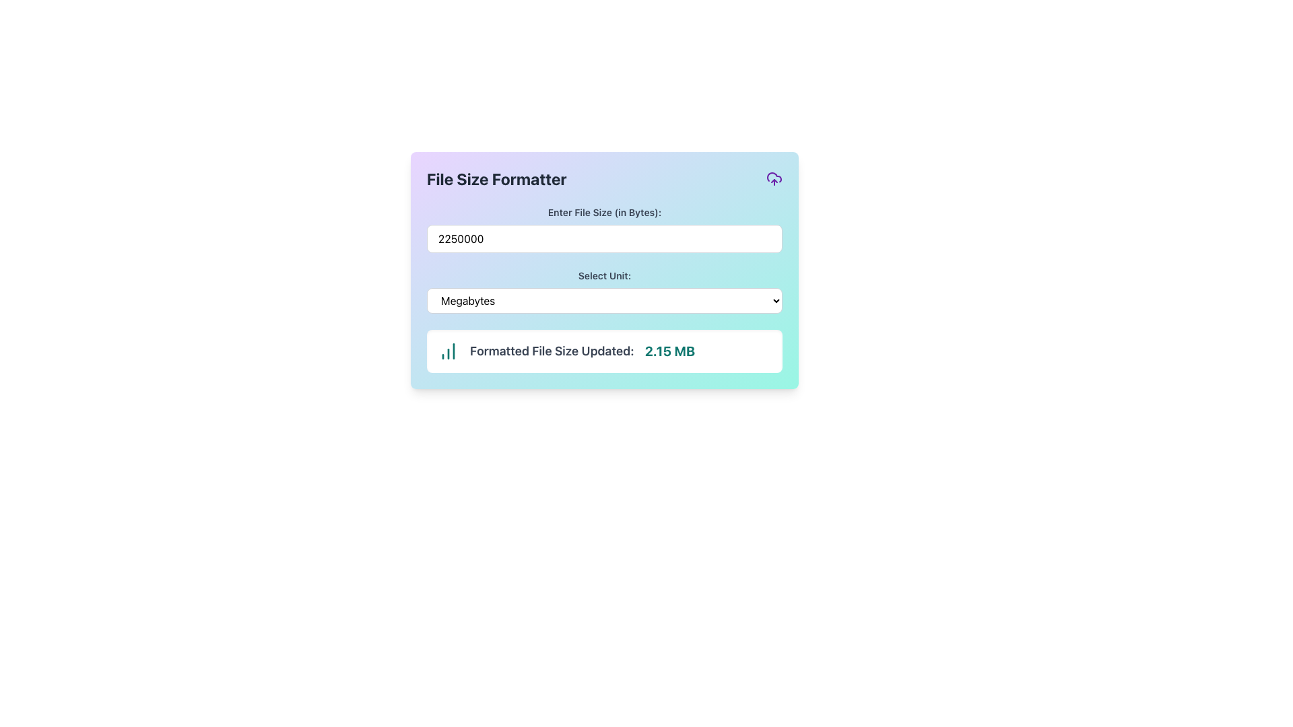  I want to click on the cloud upload icon located at the top right corner of the 'File Size Formatter' interface, so click(774, 178).